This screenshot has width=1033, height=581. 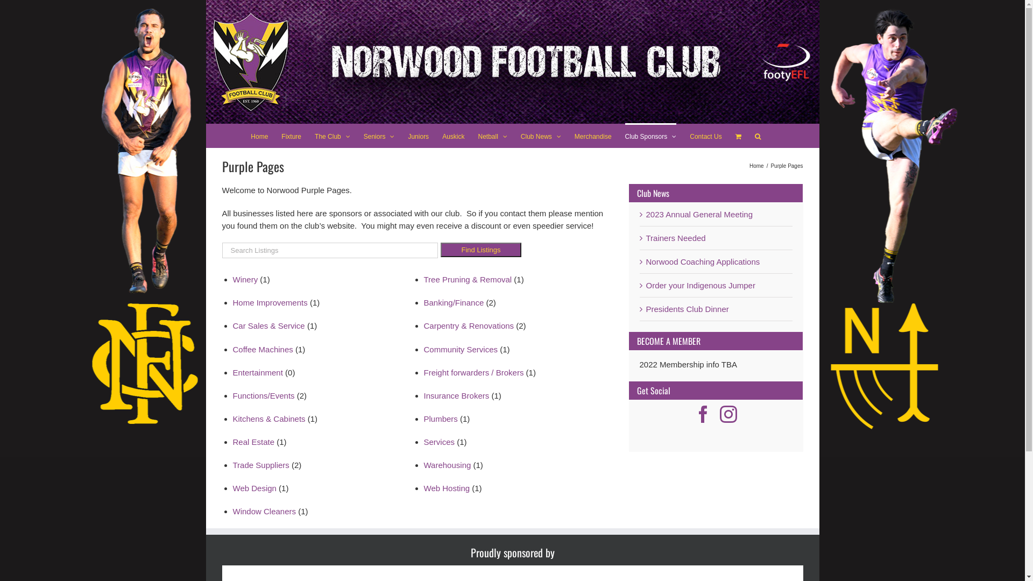 I want to click on 'Window Cleaners', so click(x=264, y=511).